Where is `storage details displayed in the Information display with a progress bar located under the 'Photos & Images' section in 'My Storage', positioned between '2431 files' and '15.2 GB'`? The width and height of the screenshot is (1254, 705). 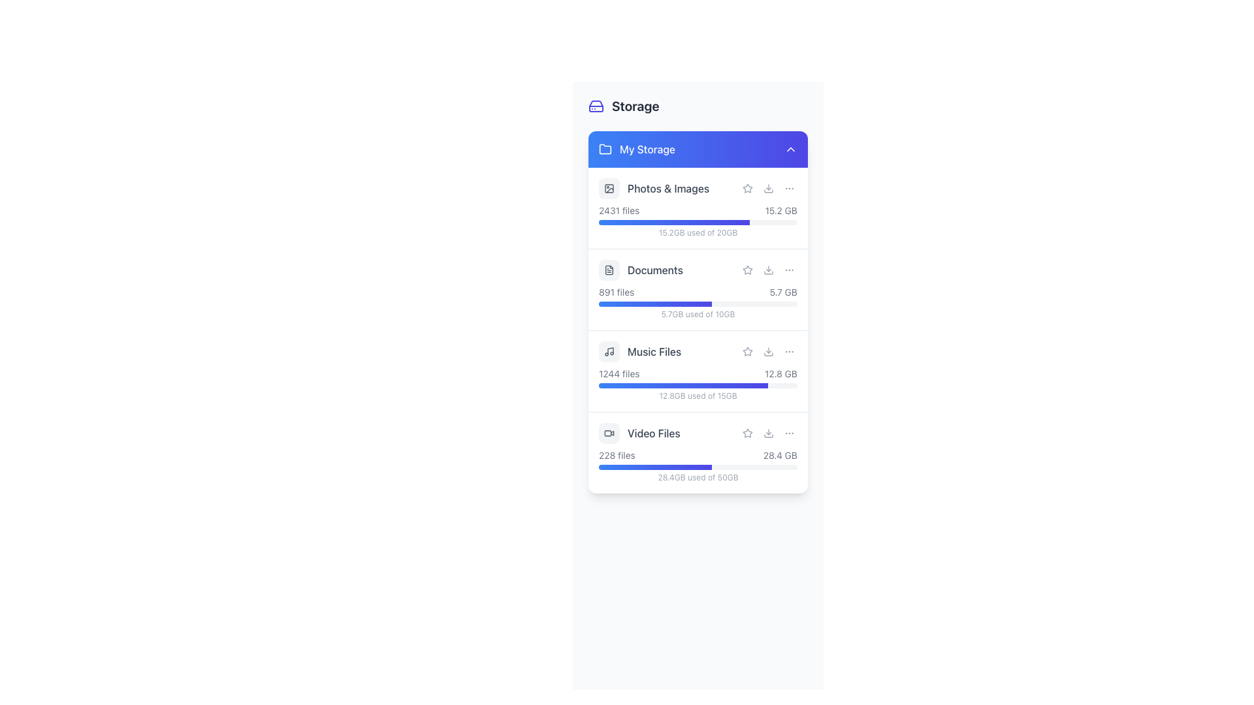
storage details displayed in the Information display with a progress bar located under the 'Photos & Images' section in 'My Storage', positioned between '2431 files' and '15.2 GB' is located at coordinates (698, 221).